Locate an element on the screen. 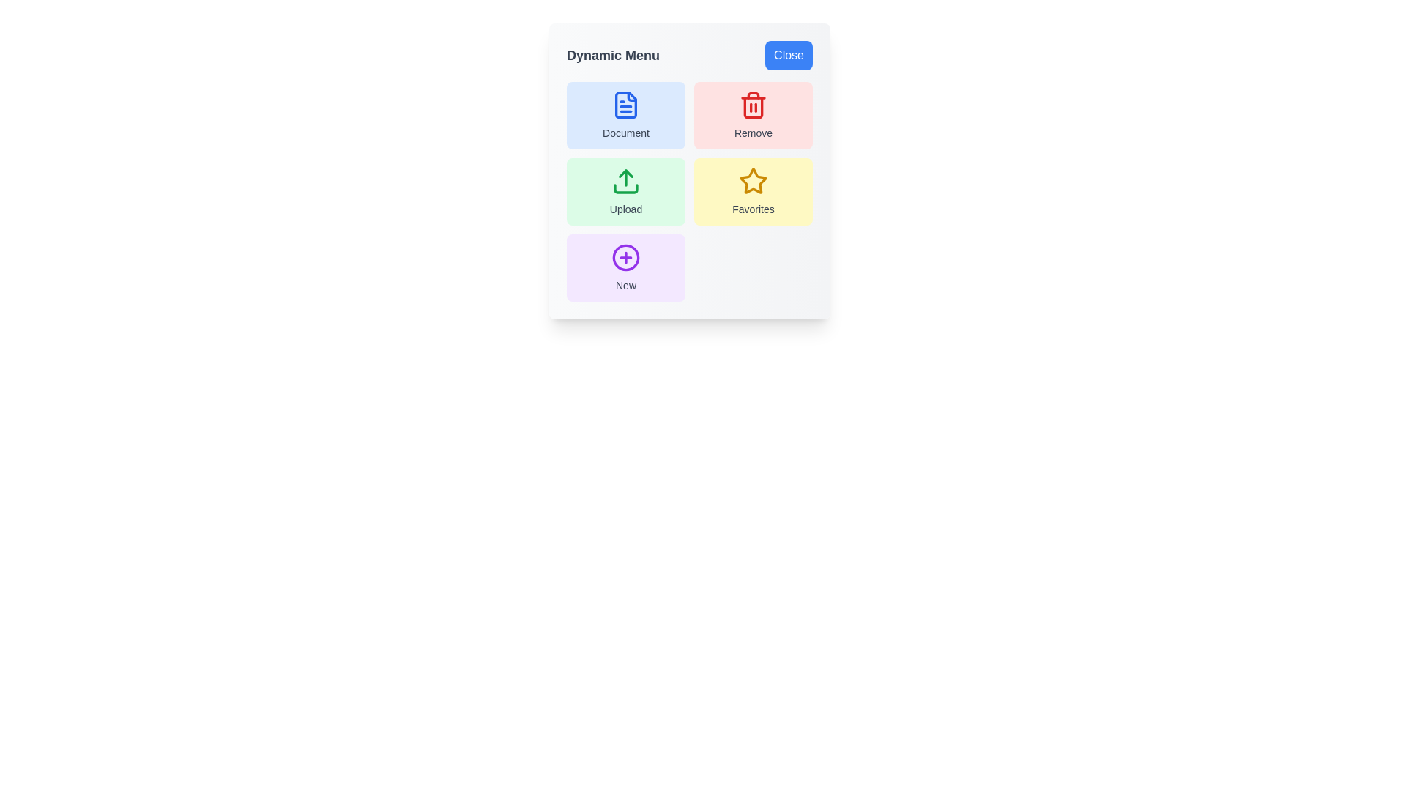 This screenshot has width=1406, height=791. the star icon with a hollow interior on a yellow background is located at coordinates (752, 179).